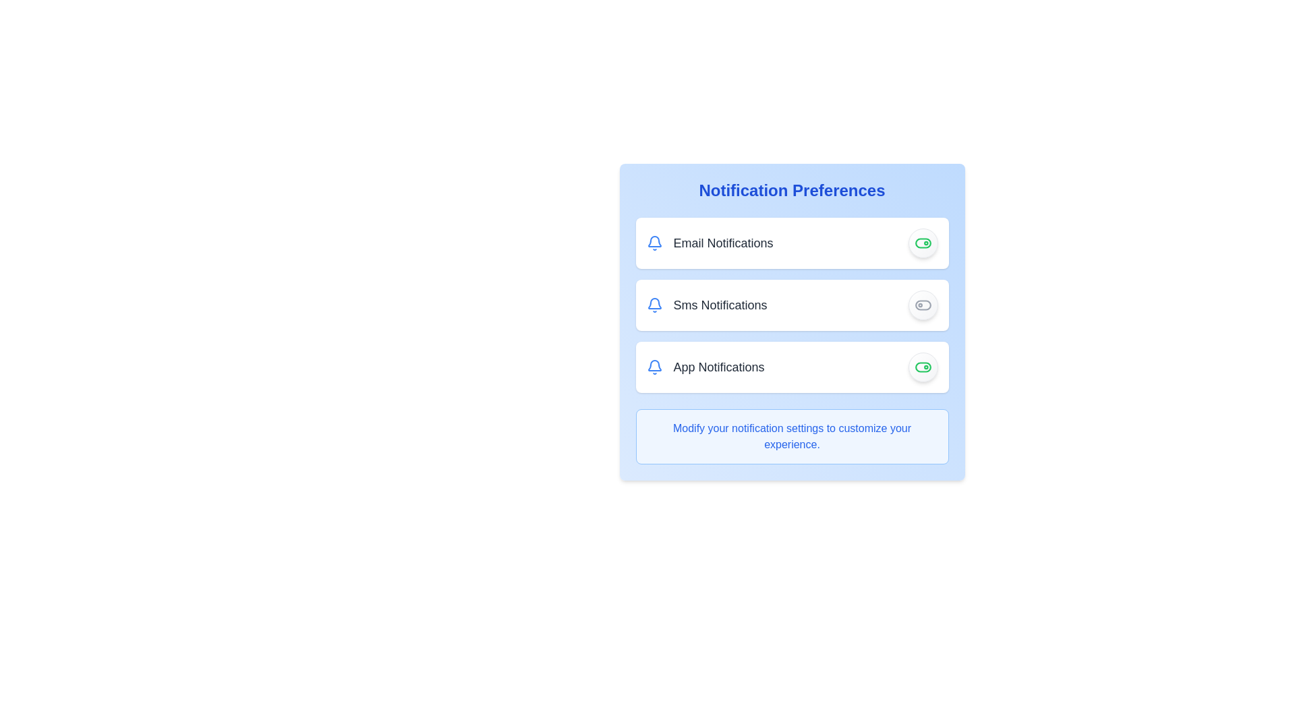  I want to click on label displaying 'Email Notifications' which is part of the Notification Preferences section, located between a notification bell icon and a toggle switch, so click(722, 243).